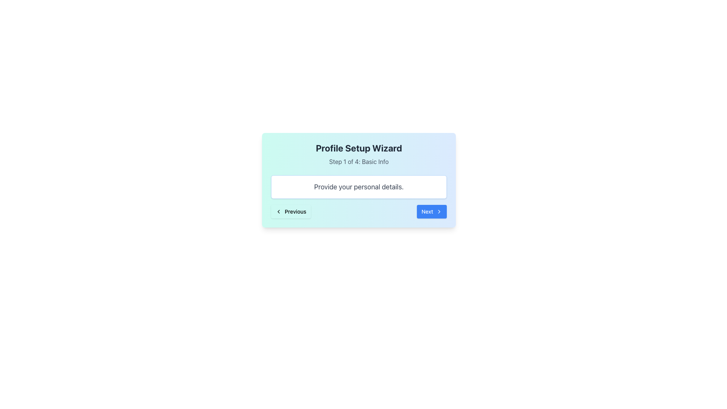 This screenshot has width=727, height=409. What do you see at coordinates (359, 161) in the screenshot?
I see `text element indicating the current step of the multi-step process, specifically 'Step 1 of 4', which is located below the heading 'Profile Setup Wizard'` at bounding box center [359, 161].